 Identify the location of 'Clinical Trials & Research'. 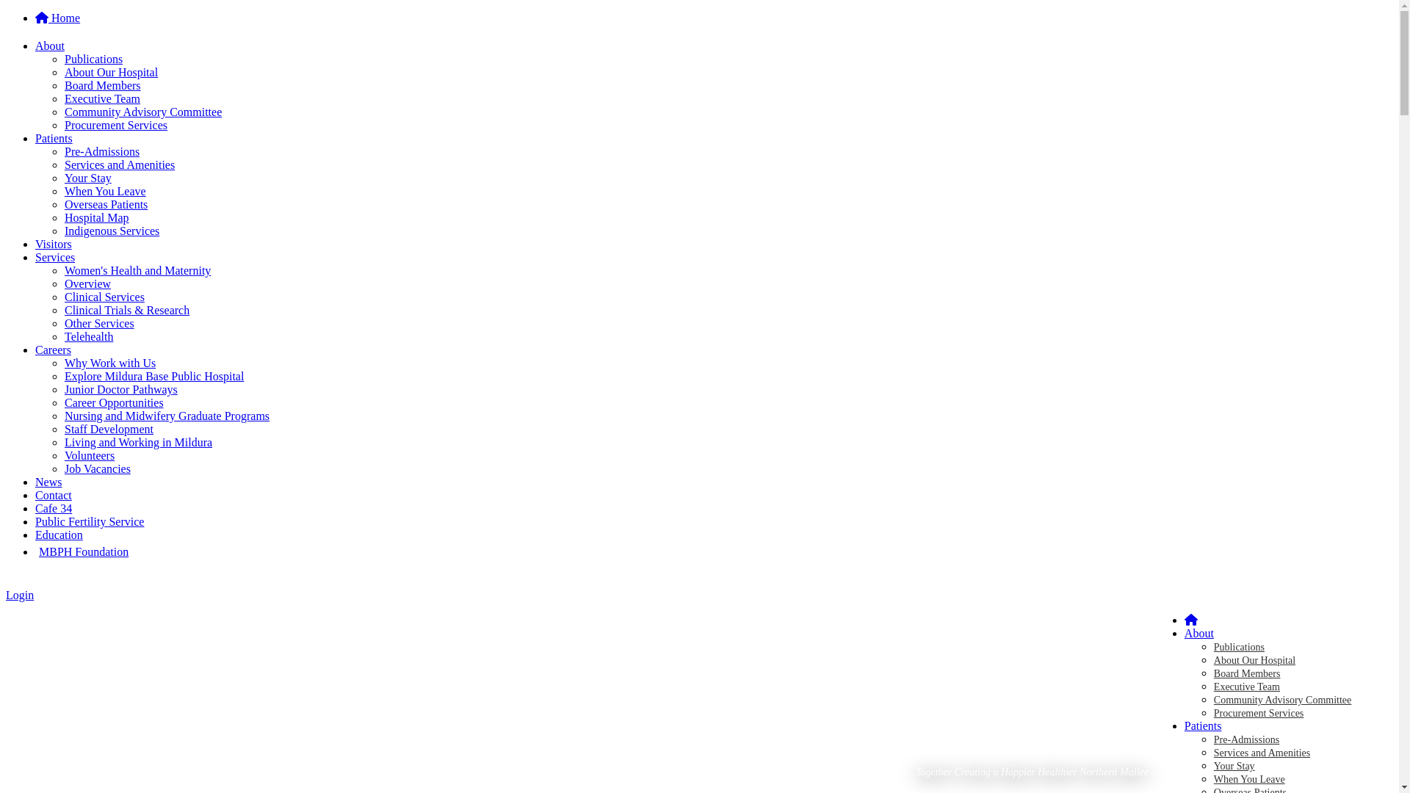
(63, 309).